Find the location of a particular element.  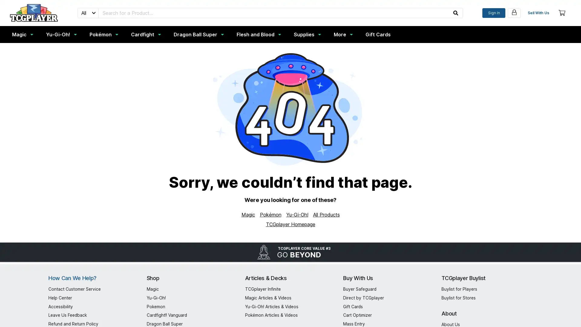

submit your search is located at coordinates (456, 13).